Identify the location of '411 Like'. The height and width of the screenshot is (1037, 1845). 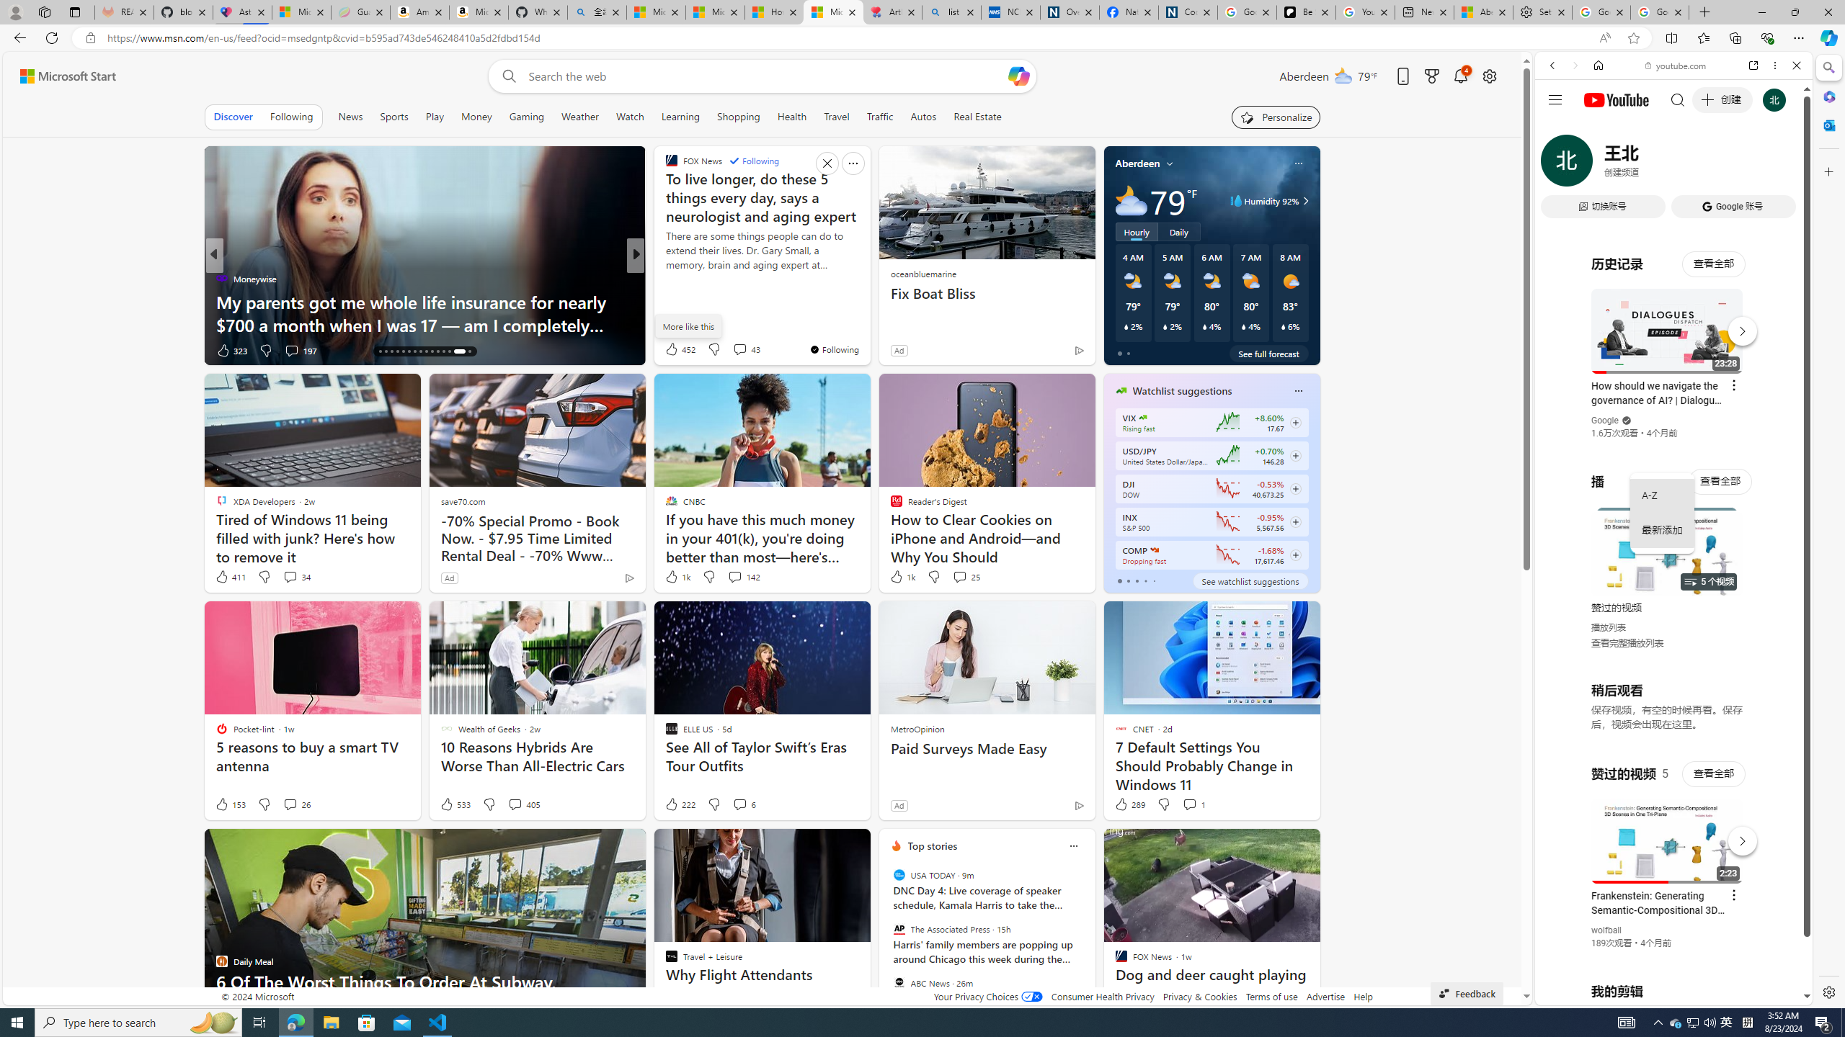
(228, 576).